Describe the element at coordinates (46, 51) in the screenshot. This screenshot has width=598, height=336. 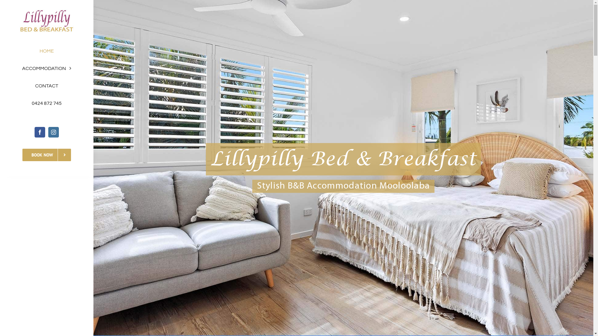
I see `'HOME'` at that location.